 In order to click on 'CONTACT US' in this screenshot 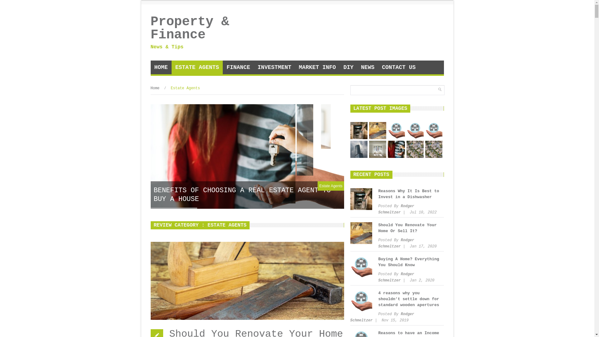, I will do `click(398, 67)`.